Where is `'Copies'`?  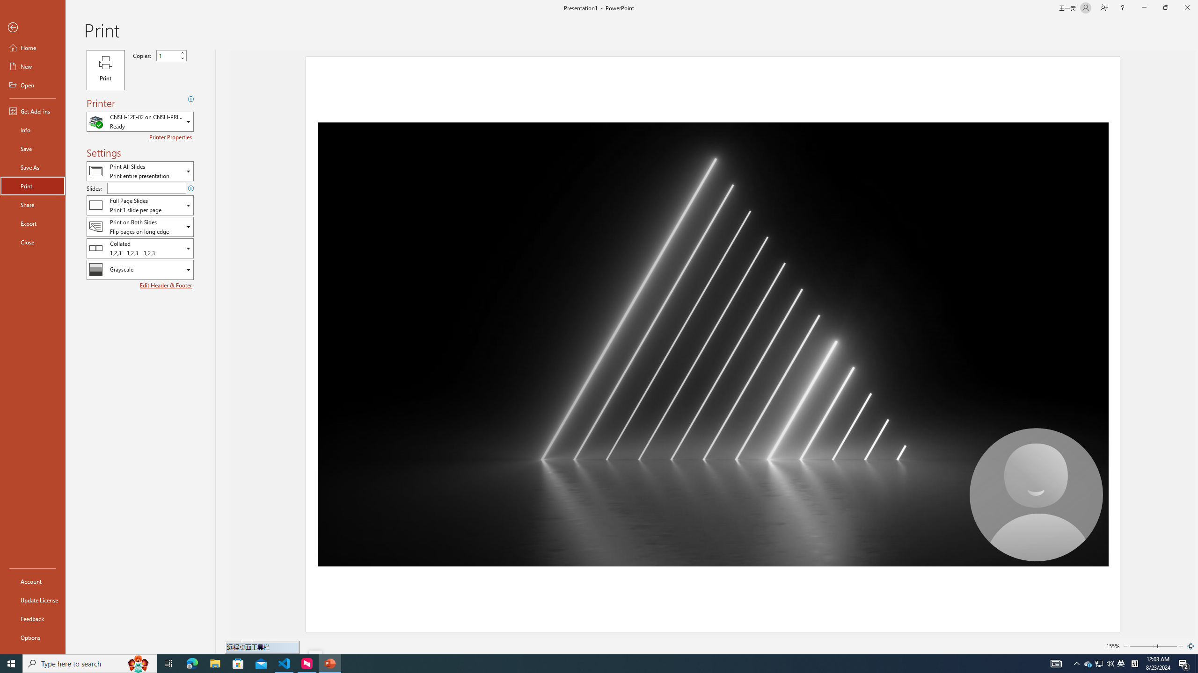 'Copies' is located at coordinates (171, 55).